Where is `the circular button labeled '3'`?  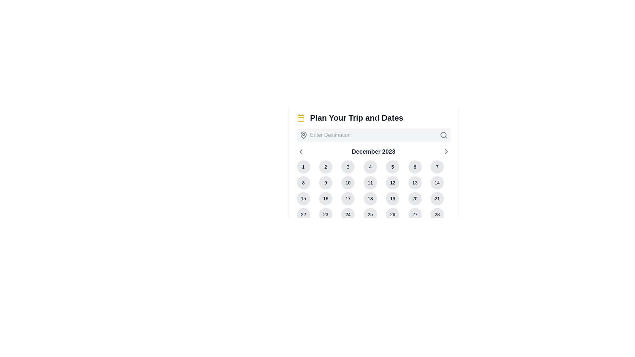
the circular button labeled '3' is located at coordinates (348, 167).